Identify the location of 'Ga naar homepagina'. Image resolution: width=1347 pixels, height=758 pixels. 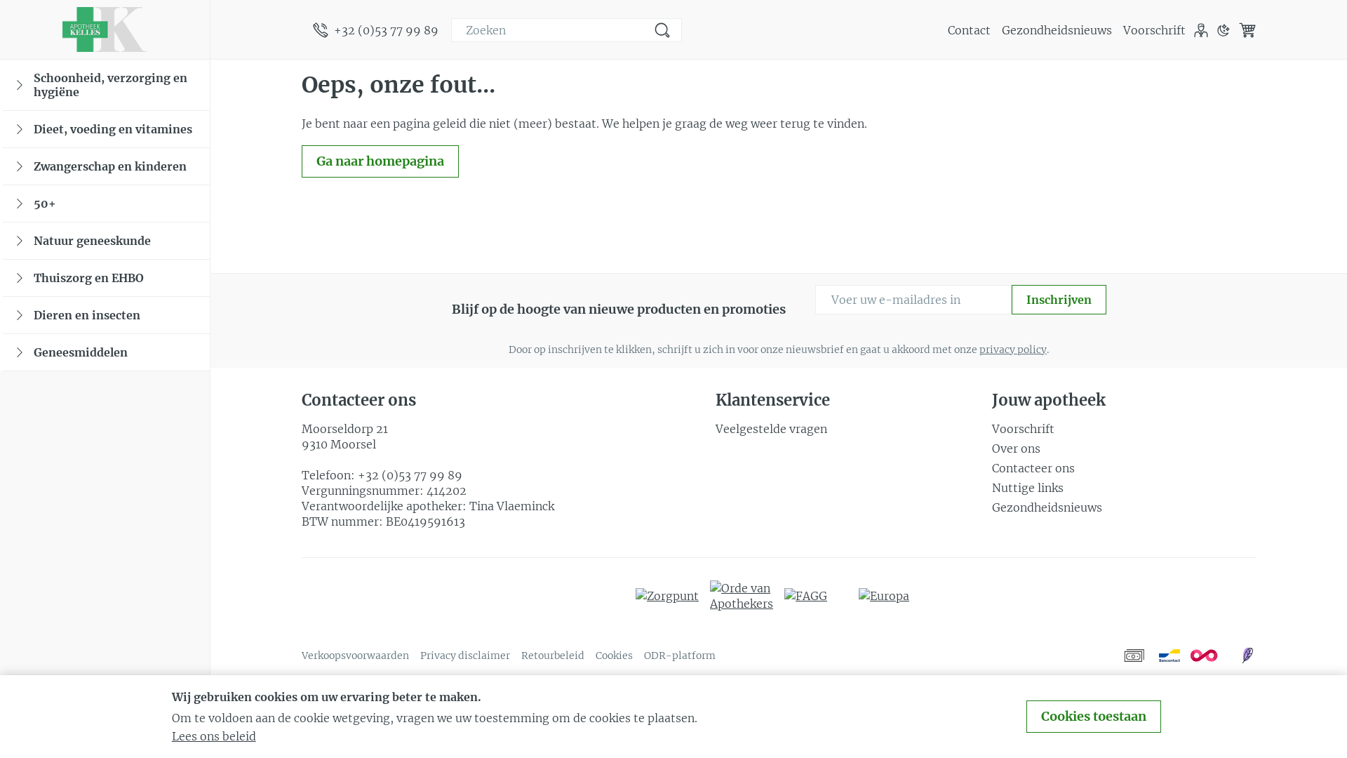
(380, 161).